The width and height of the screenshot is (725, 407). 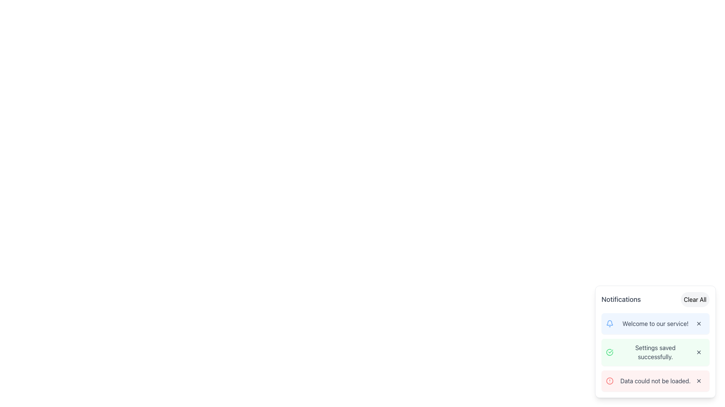 I want to click on the blue bell-shaped icon located within the notification card to the left of the text 'Welcome to our service!', if it is clickable, so click(x=609, y=323).